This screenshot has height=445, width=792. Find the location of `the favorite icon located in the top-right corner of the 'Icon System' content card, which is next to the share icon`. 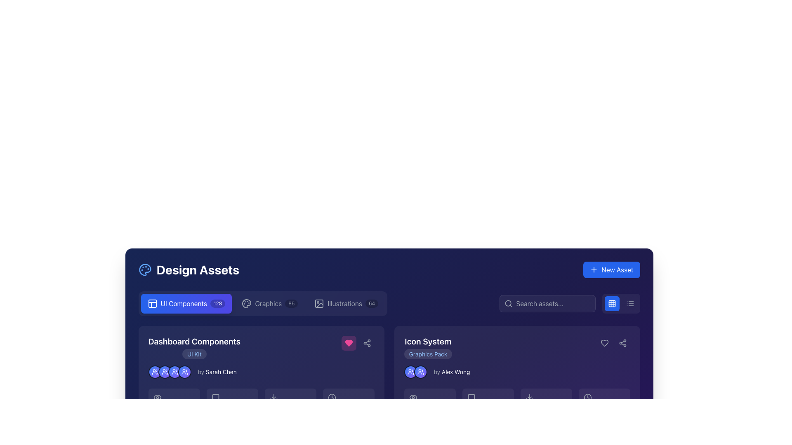

the favorite icon located in the top-right corner of the 'Icon System' content card, which is next to the share icon is located at coordinates (604, 343).